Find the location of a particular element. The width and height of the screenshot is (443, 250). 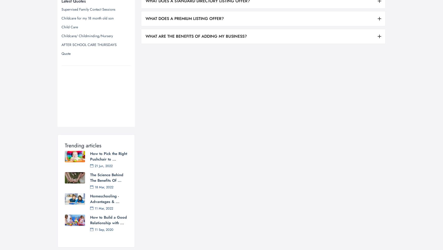

'Cookies' is located at coordinates (286, 214).